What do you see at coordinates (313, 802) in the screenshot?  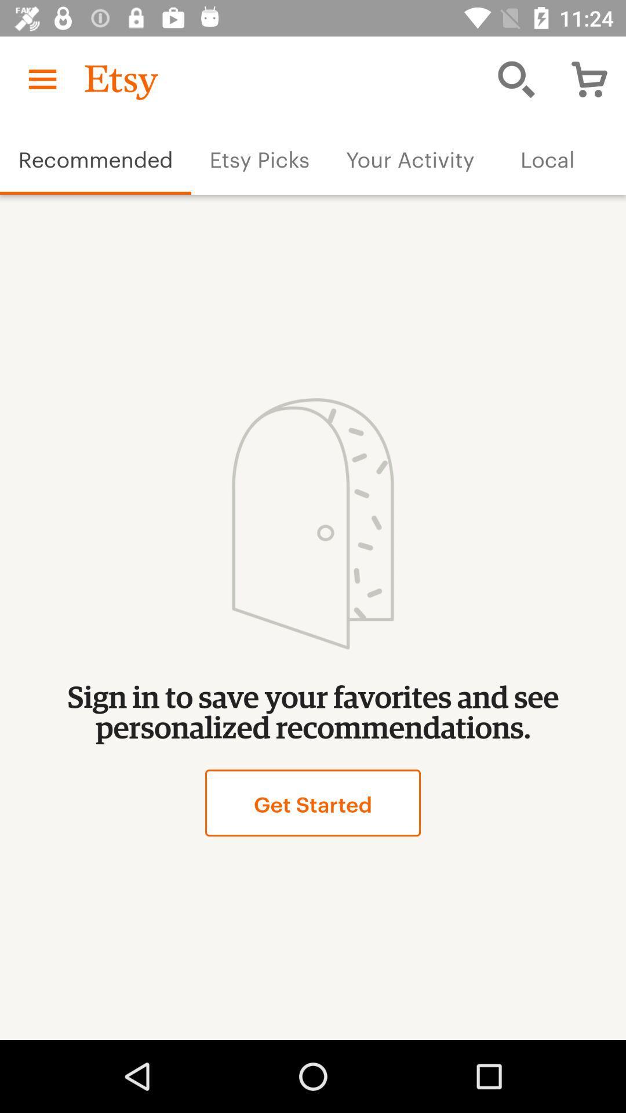 I see `the get started` at bounding box center [313, 802].